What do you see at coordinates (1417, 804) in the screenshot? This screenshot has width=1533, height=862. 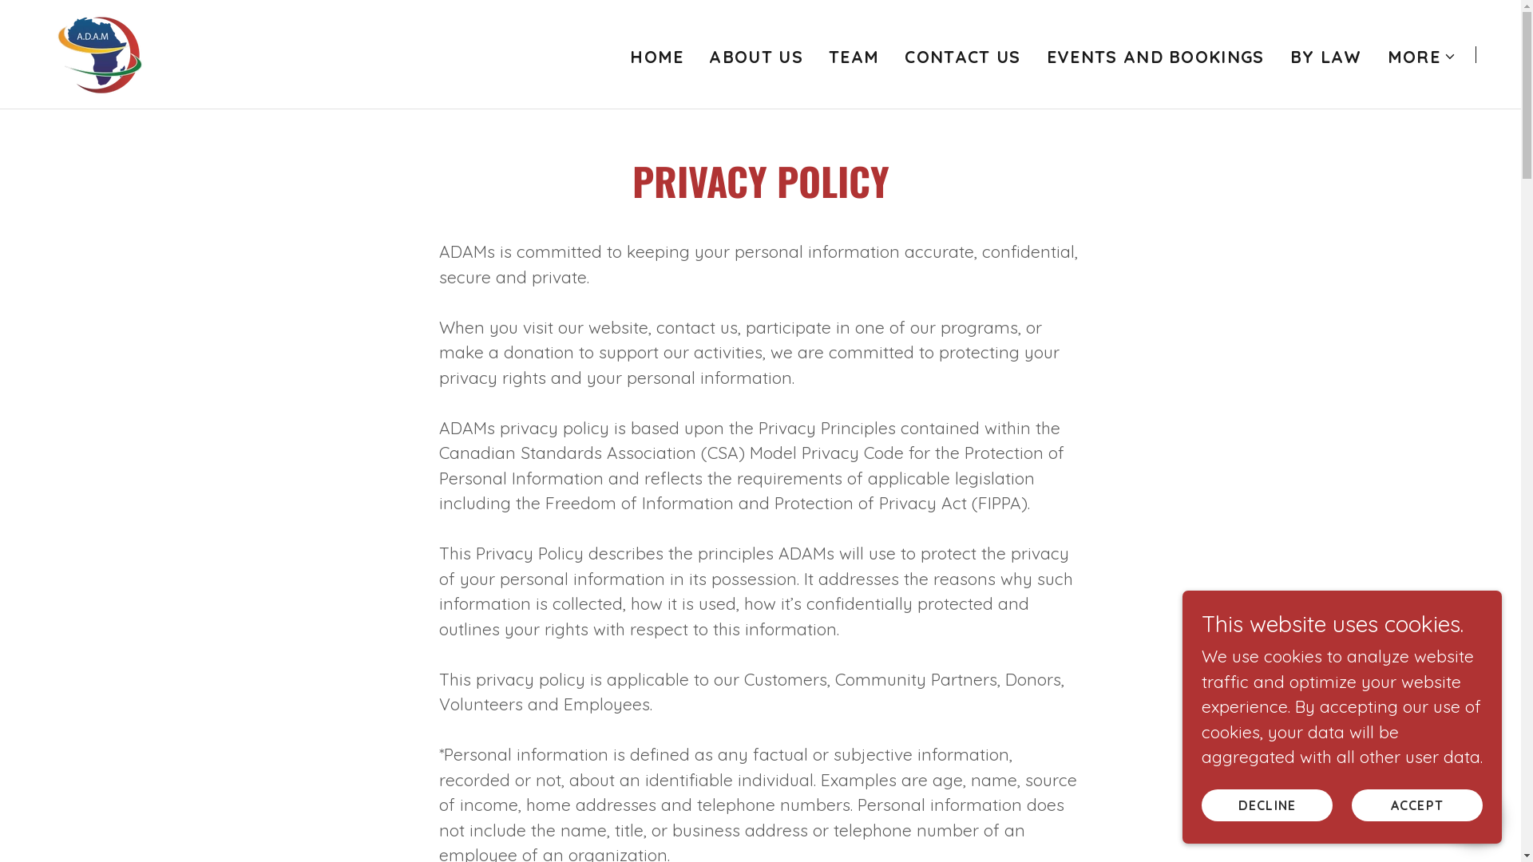 I see `'ACCEPT'` at bounding box center [1417, 804].